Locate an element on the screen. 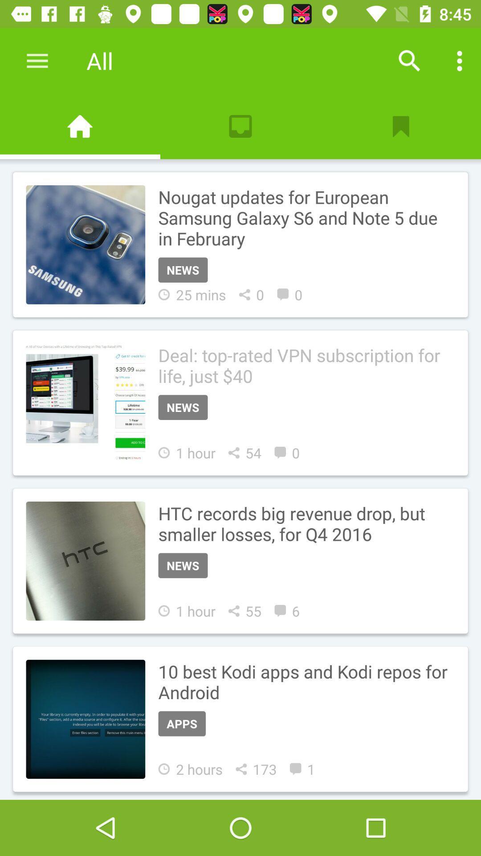 This screenshot has width=481, height=856. search is located at coordinates (409, 60).